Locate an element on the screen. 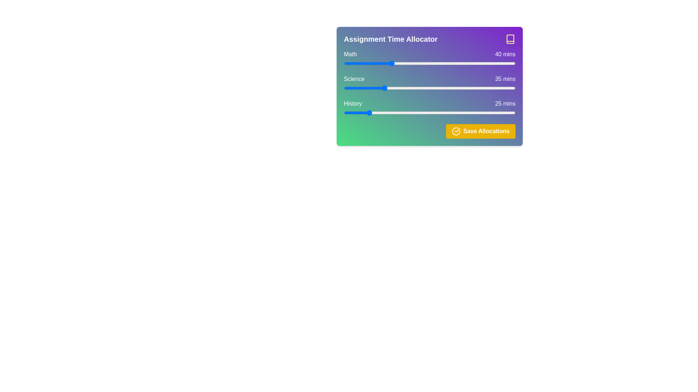 This screenshot has width=698, height=392. the time allocation for Math is located at coordinates (482, 63).